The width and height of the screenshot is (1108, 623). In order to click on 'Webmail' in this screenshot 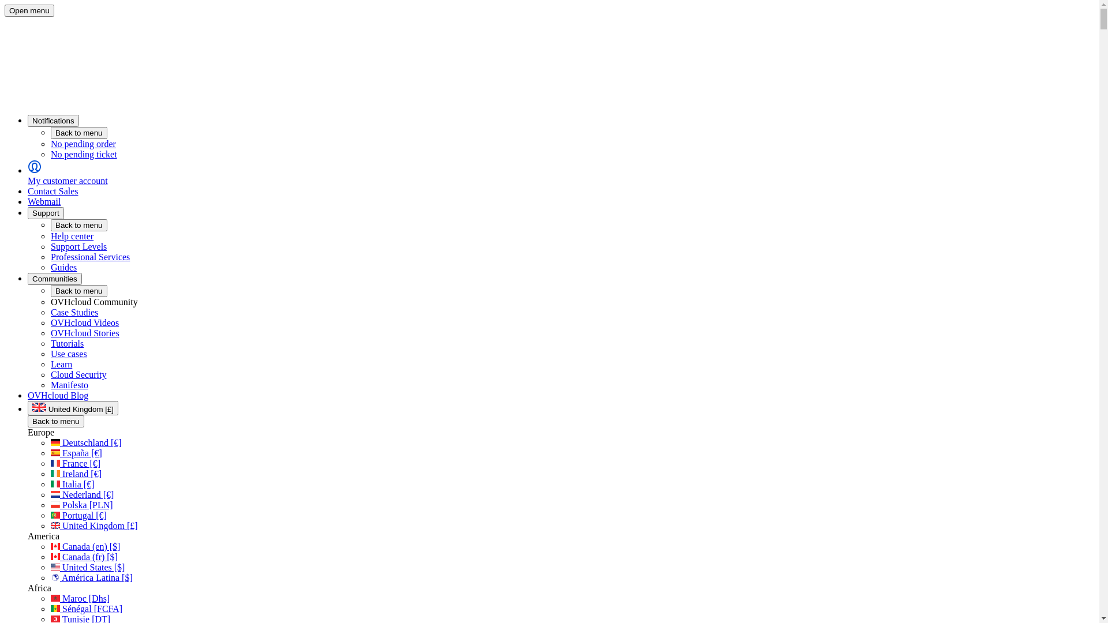, I will do `click(44, 201)`.